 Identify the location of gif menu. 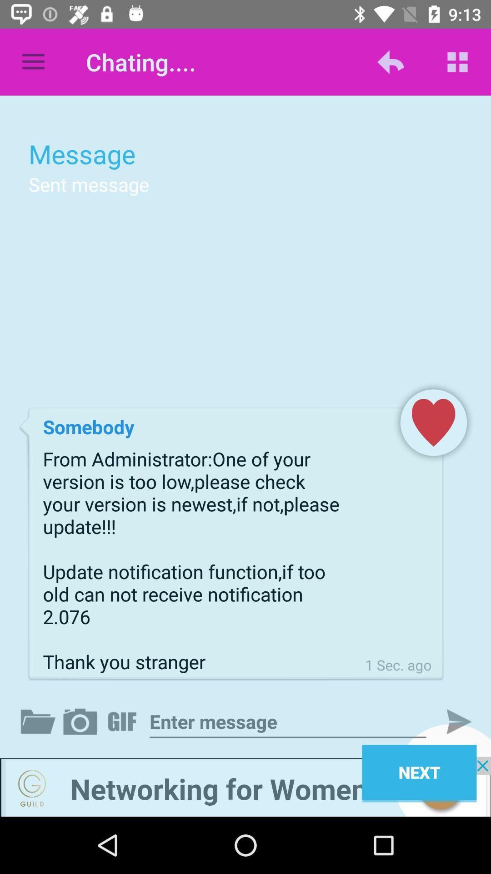
(124, 721).